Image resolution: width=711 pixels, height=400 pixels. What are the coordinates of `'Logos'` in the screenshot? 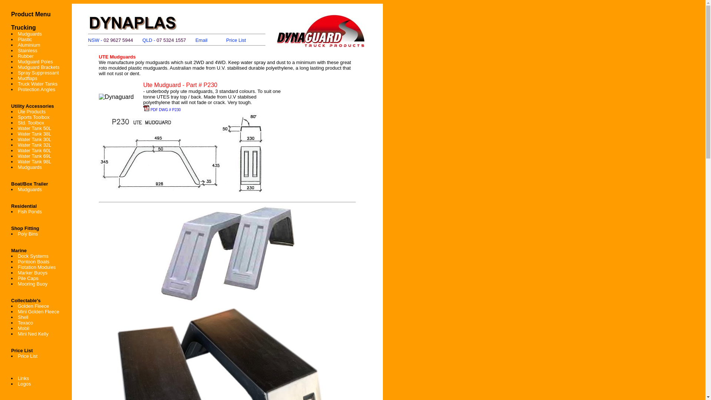 It's located at (24, 383).